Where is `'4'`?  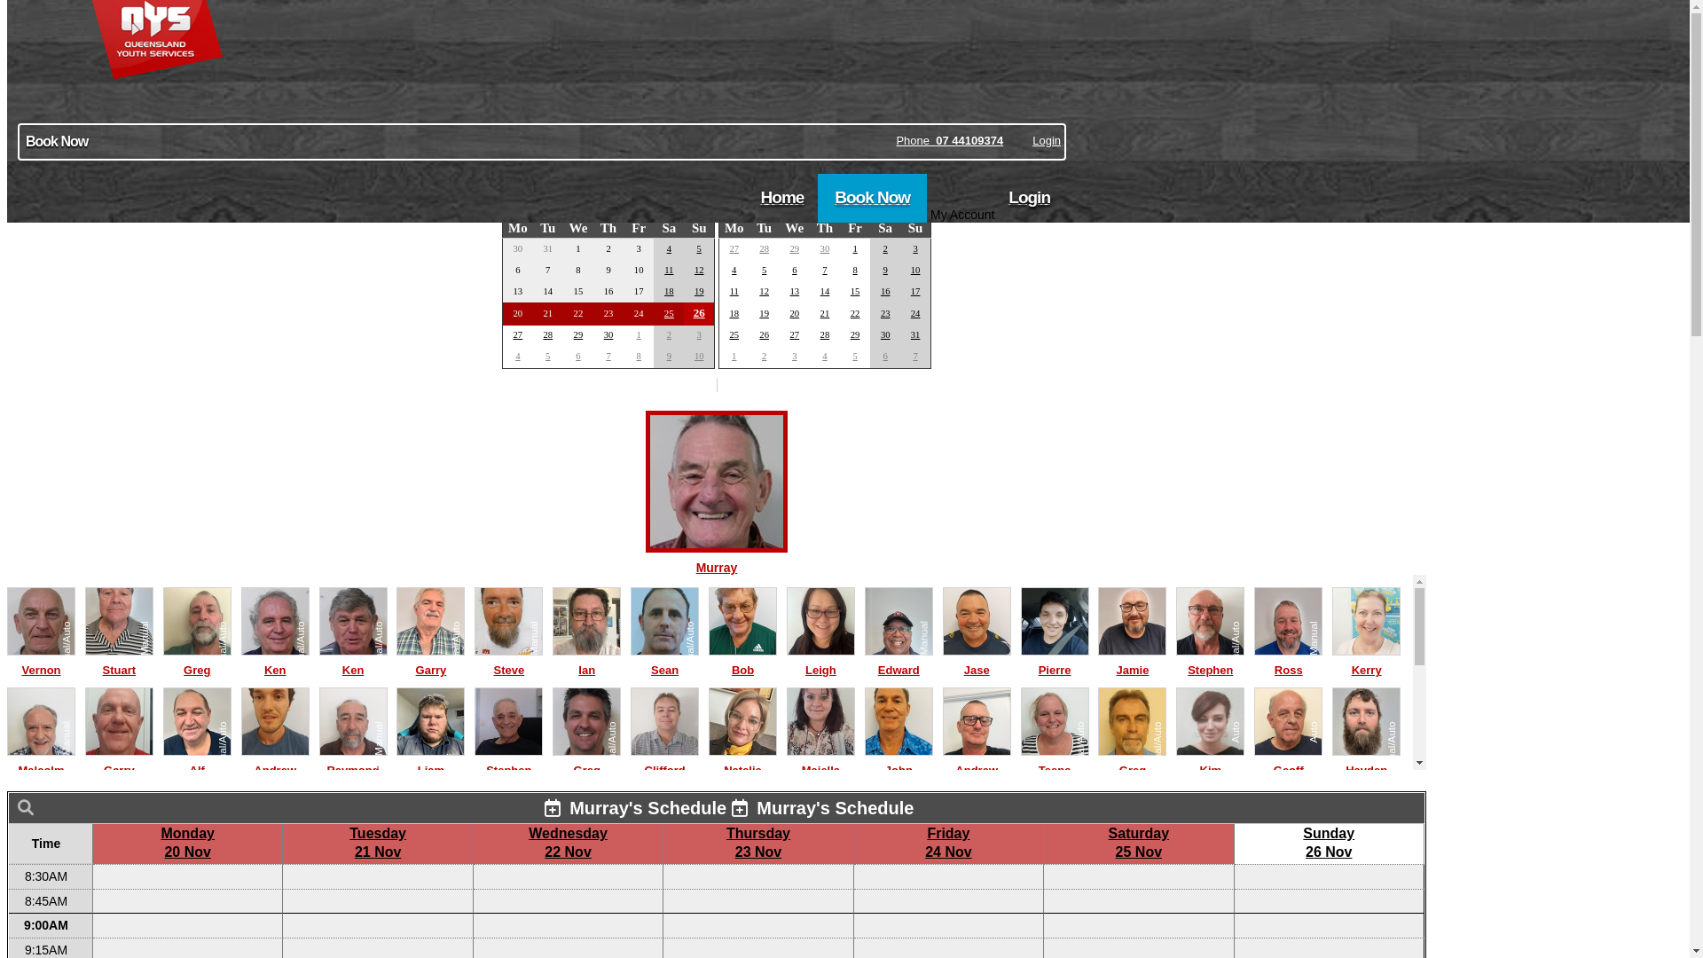
'4' is located at coordinates (820, 356).